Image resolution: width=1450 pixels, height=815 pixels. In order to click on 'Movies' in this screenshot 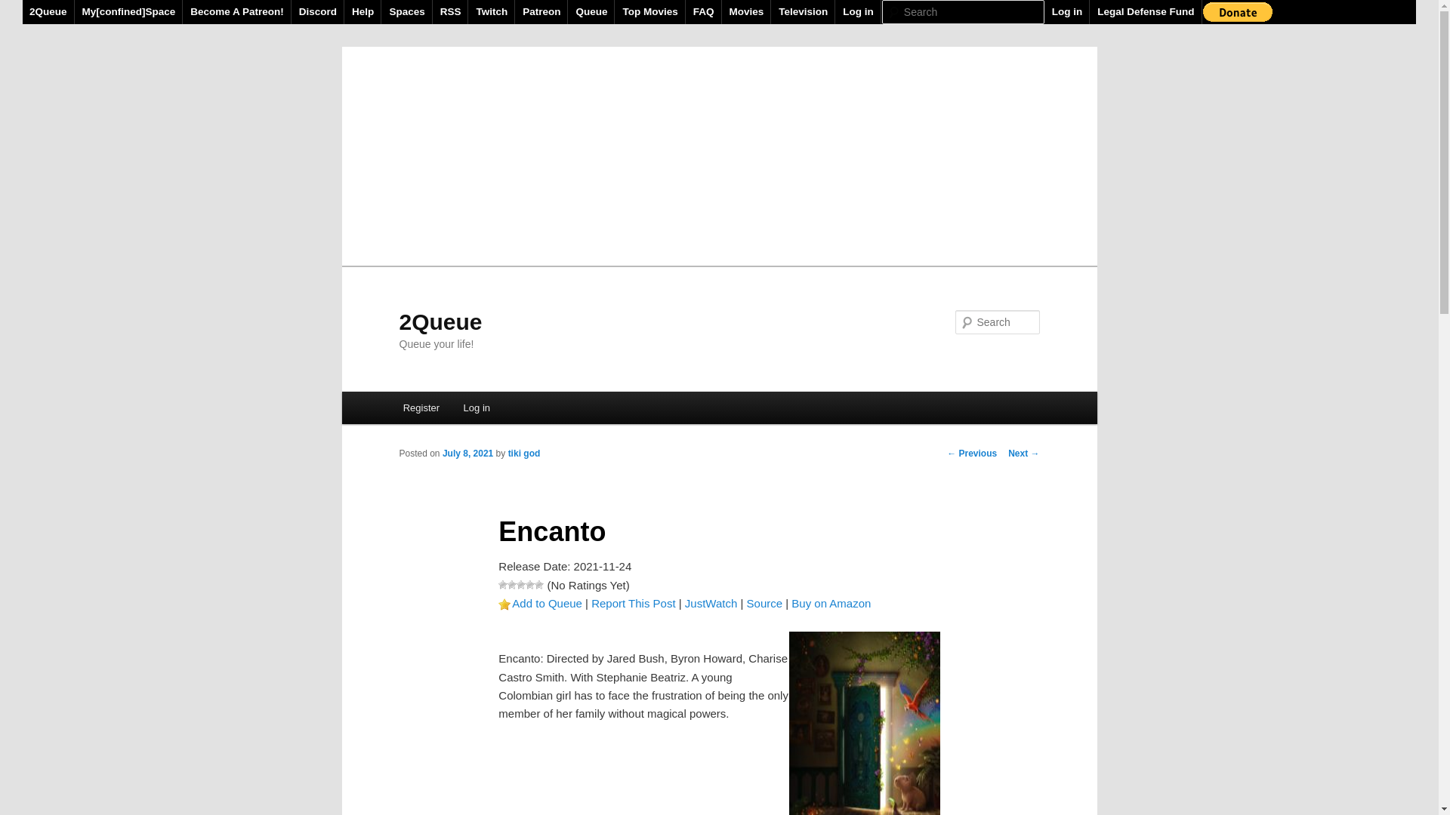, I will do `click(746, 11)`.